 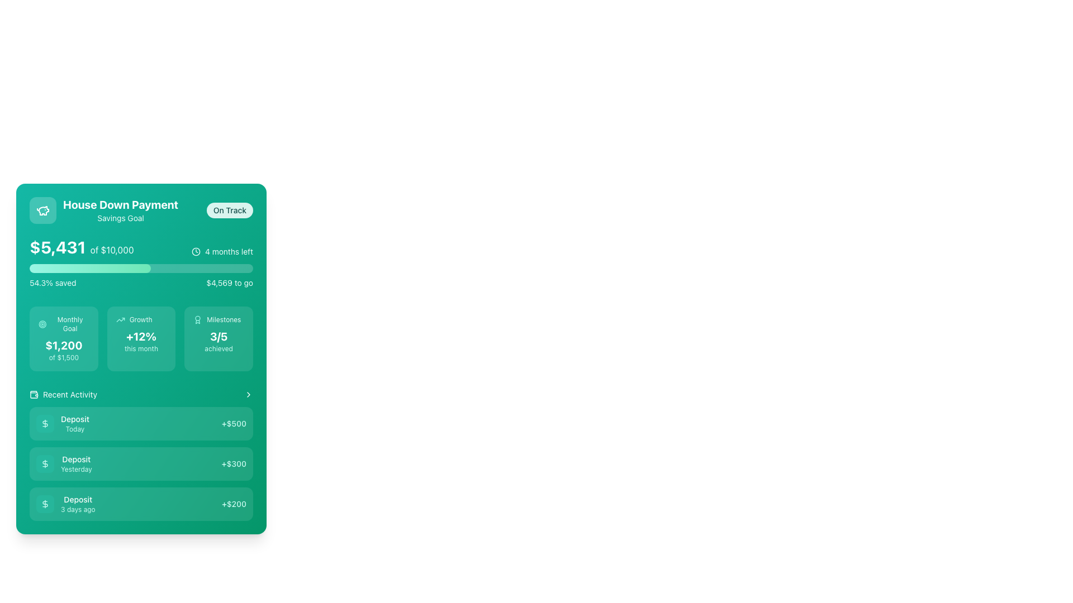 What do you see at coordinates (52, 282) in the screenshot?
I see `the Text Label indicating the progress towards the monetary goal, located below the progress bar and aligned to the left side of the '$4,569 to go' text` at bounding box center [52, 282].